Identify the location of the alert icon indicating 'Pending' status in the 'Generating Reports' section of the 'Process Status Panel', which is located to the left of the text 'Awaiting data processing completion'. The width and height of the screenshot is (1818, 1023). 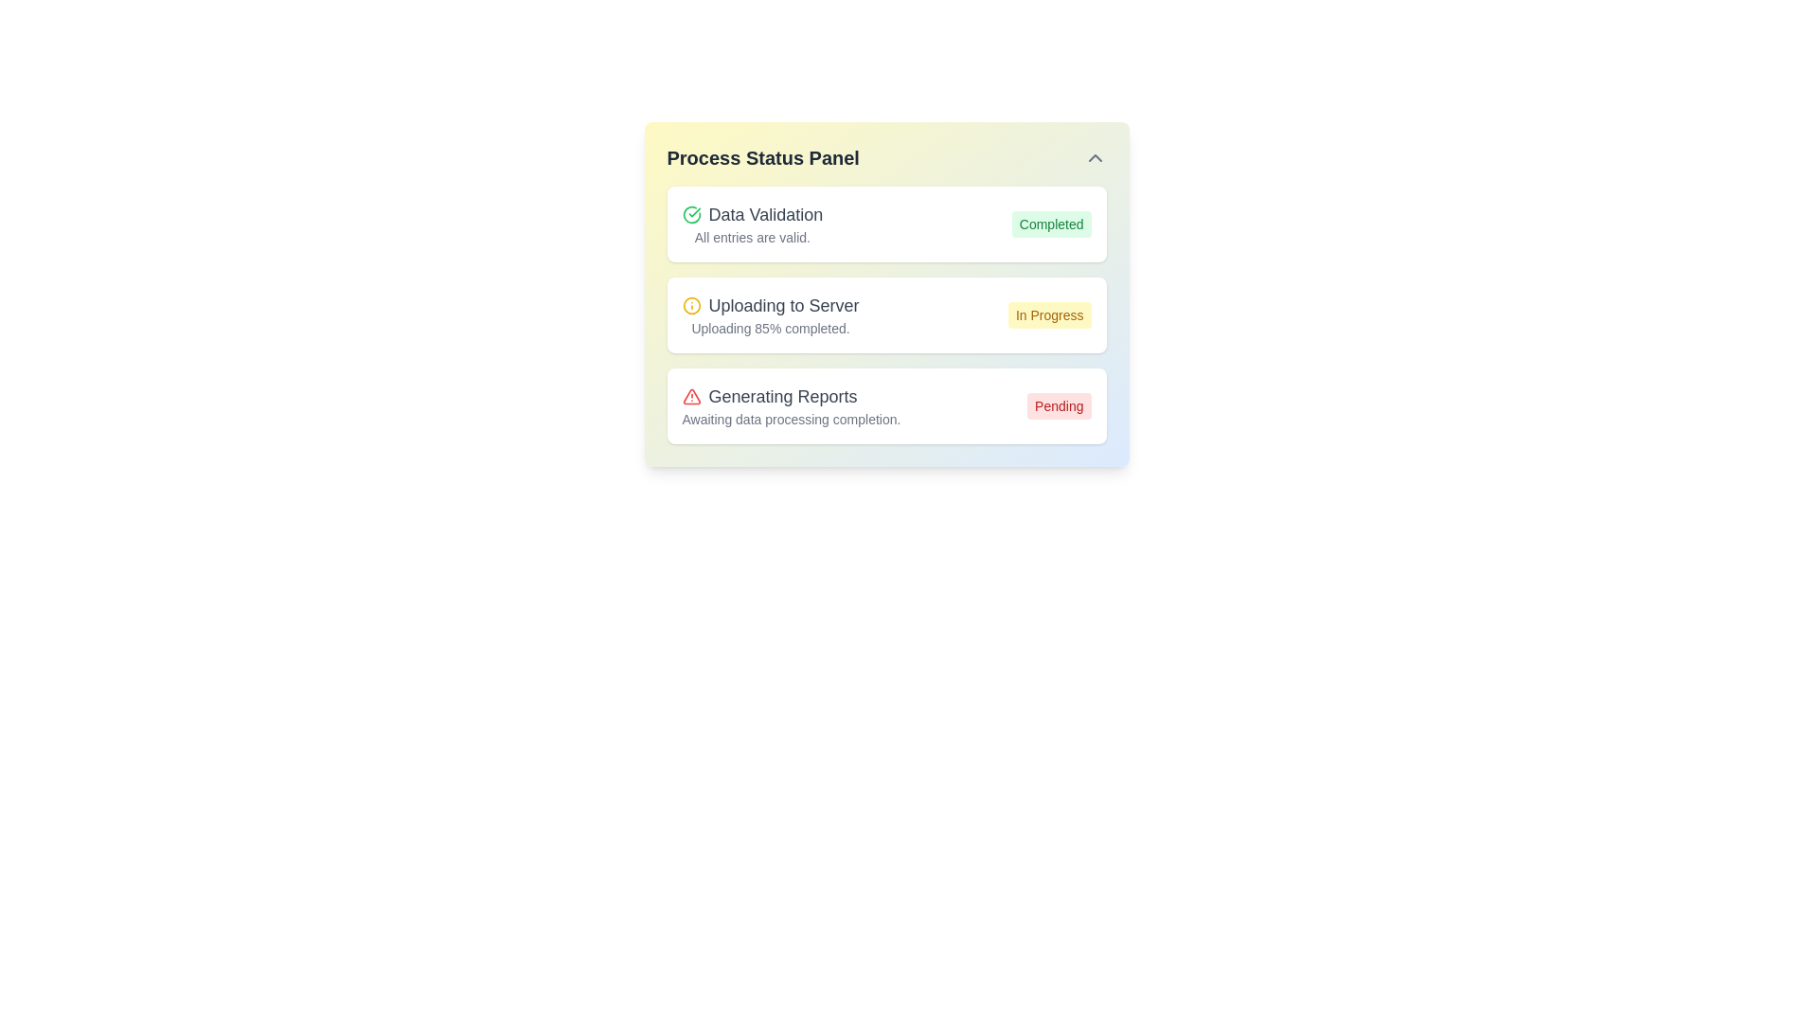
(690, 396).